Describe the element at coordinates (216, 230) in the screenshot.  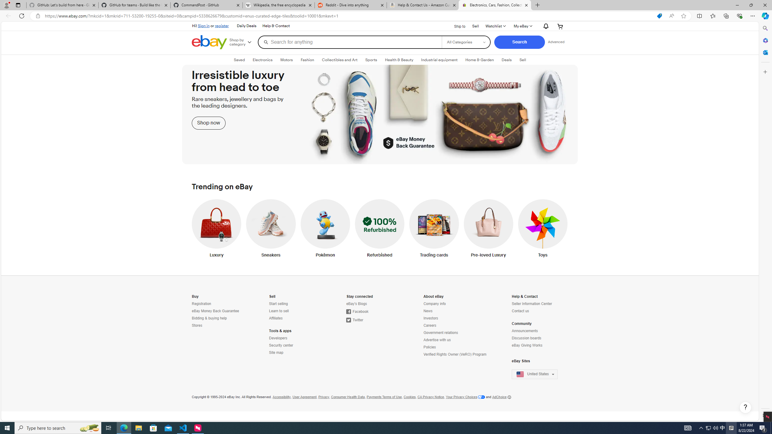
I see `'Luxury'` at that location.